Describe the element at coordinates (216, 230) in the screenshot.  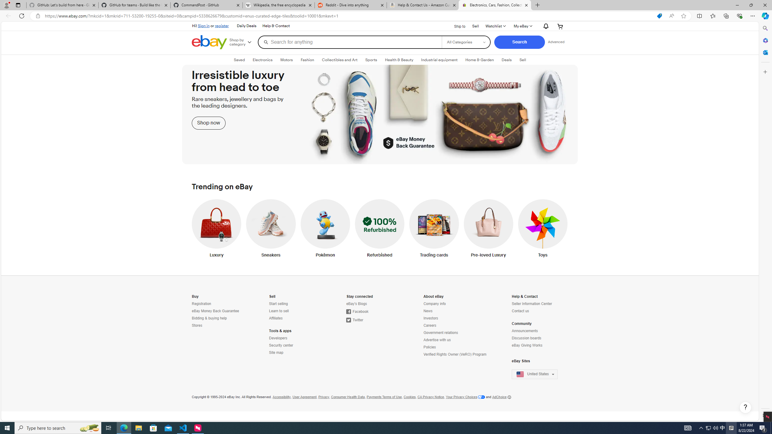
I see `'Luxury'` at that location.